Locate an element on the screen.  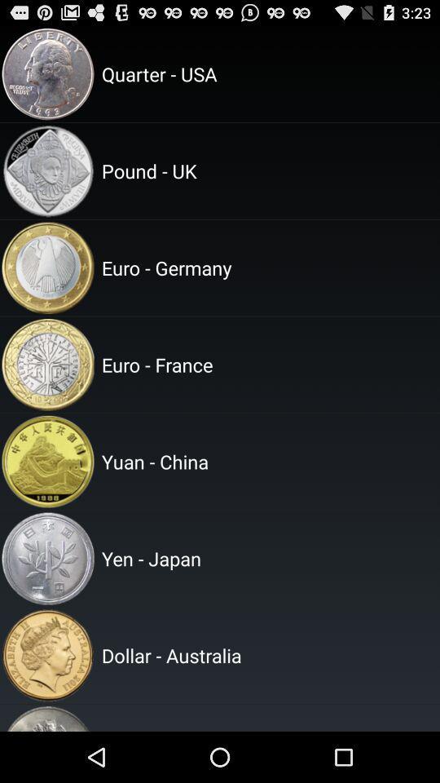
the pound - uk app is located at coordinates (268, 170).